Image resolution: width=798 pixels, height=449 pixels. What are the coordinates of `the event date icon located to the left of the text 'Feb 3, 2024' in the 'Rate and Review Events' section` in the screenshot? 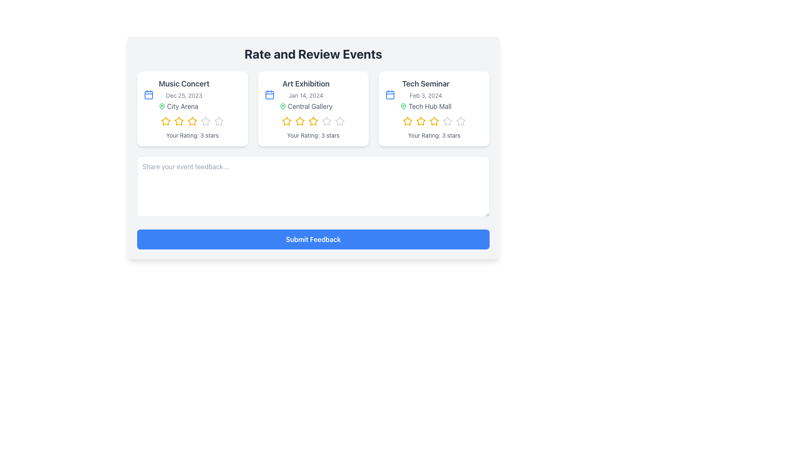 It's located at (390, 94).